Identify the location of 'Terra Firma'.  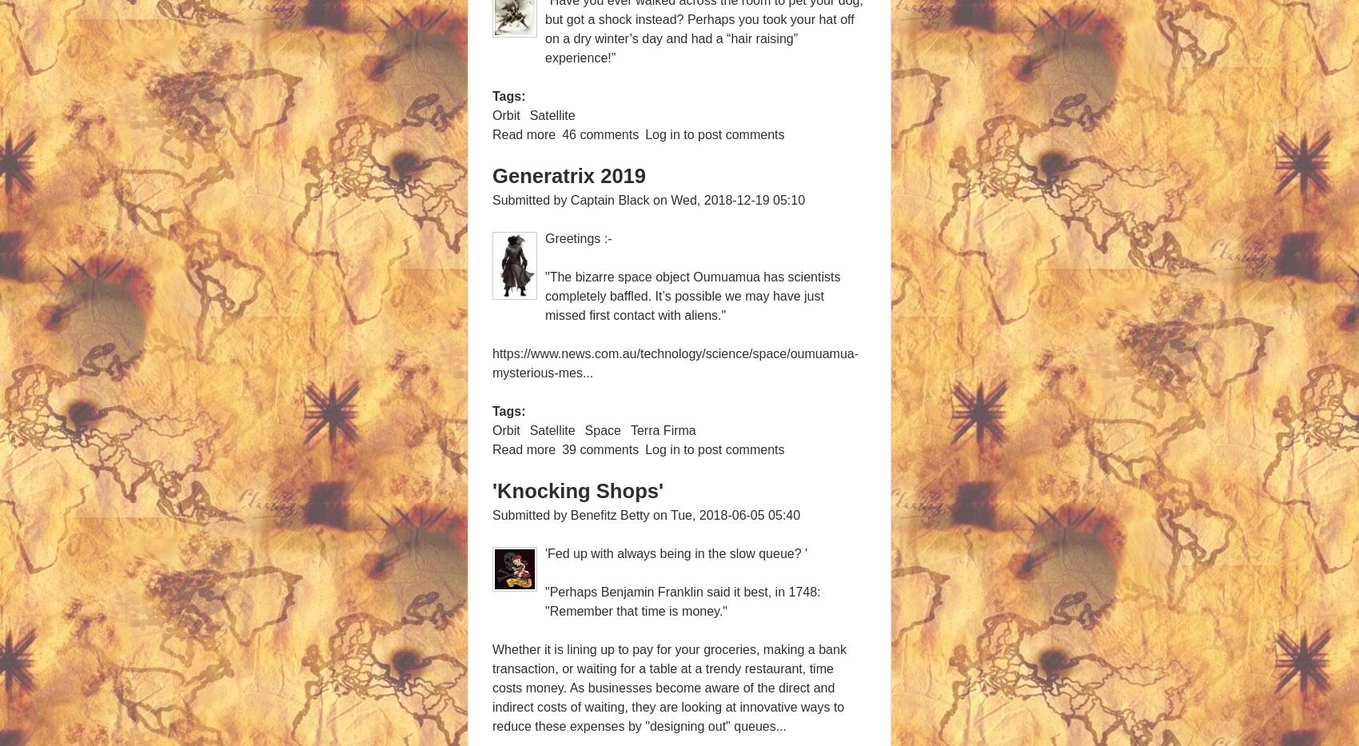
(661, 429).